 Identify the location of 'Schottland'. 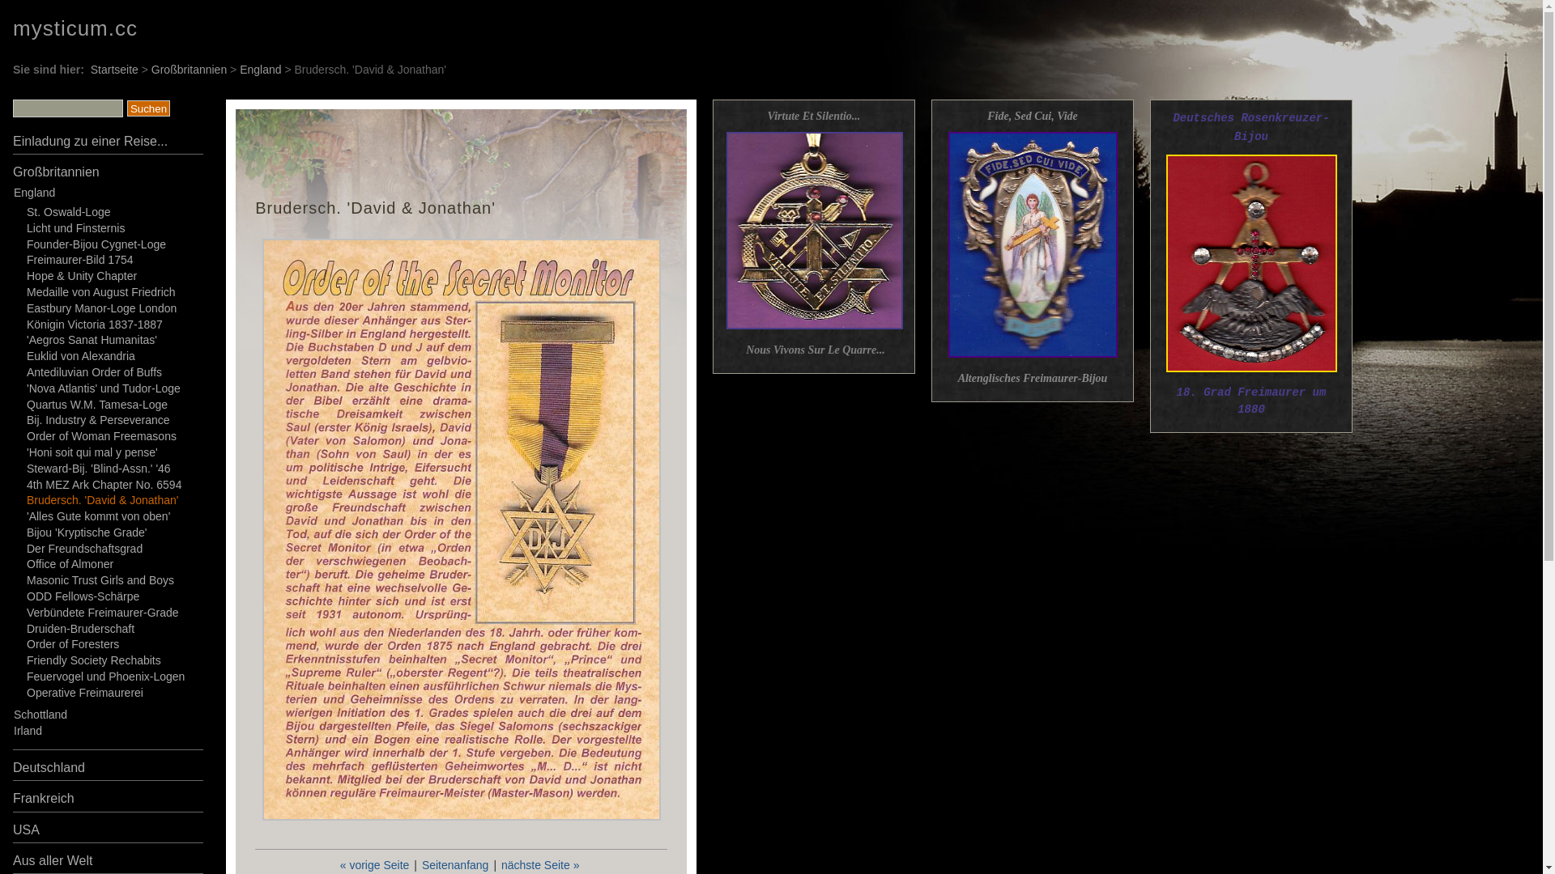
(40, 714).